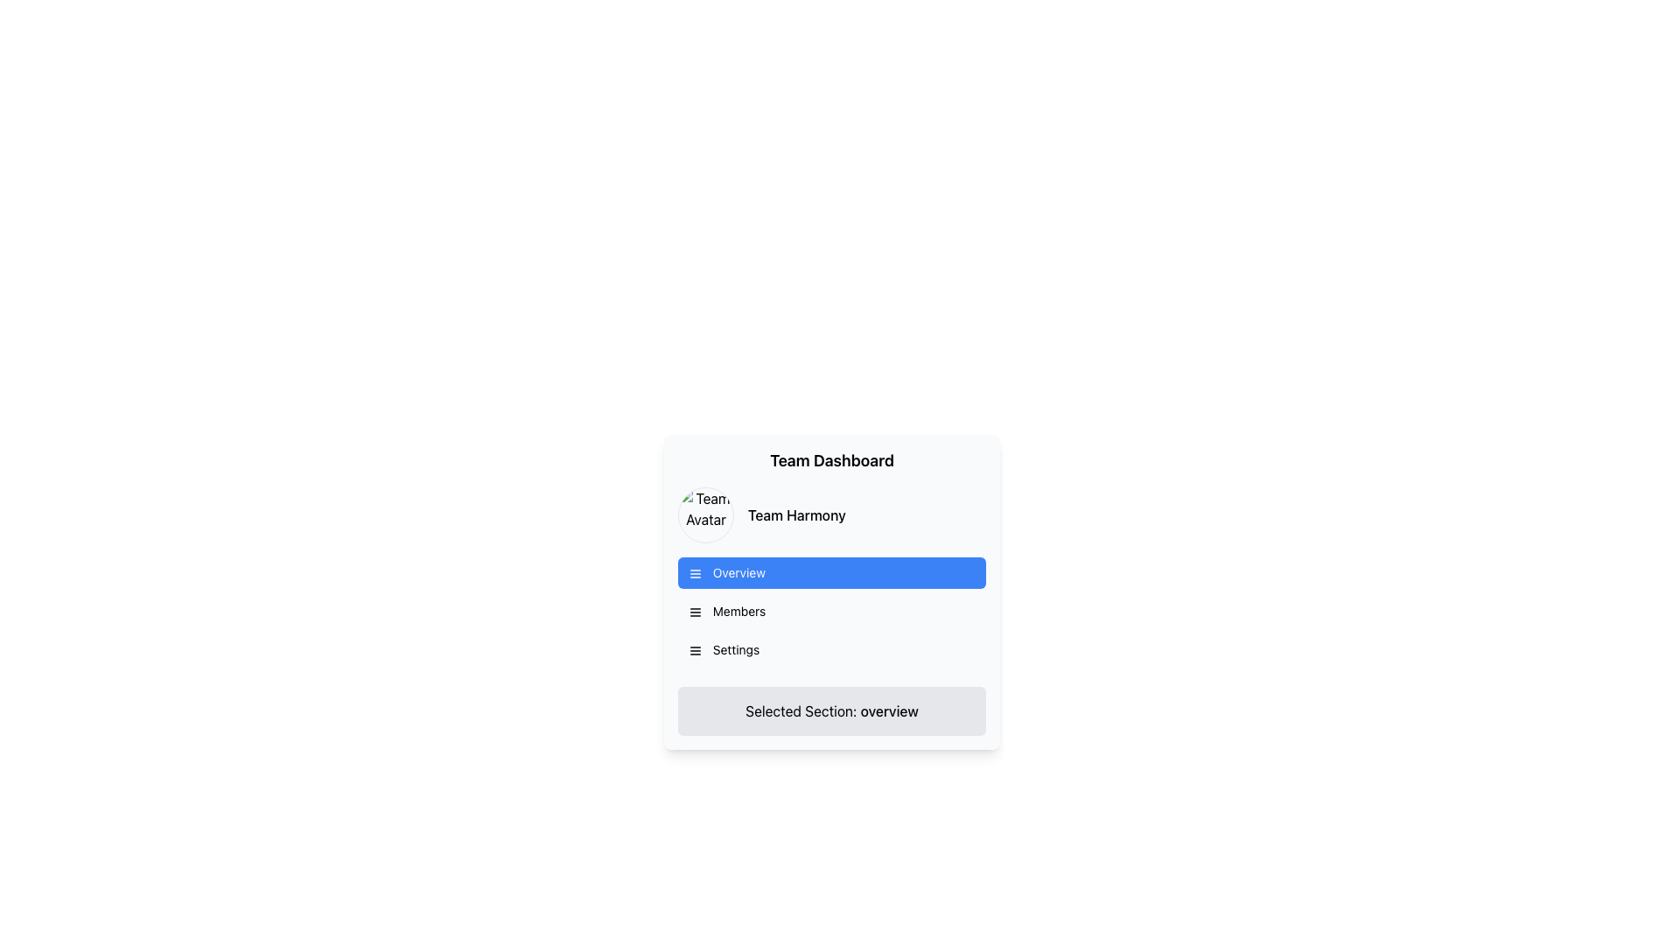 The width and height of the screenshot is (1680, 945). I want to click on the 'Settings' menu item in the sidebar, so click(830, 650).